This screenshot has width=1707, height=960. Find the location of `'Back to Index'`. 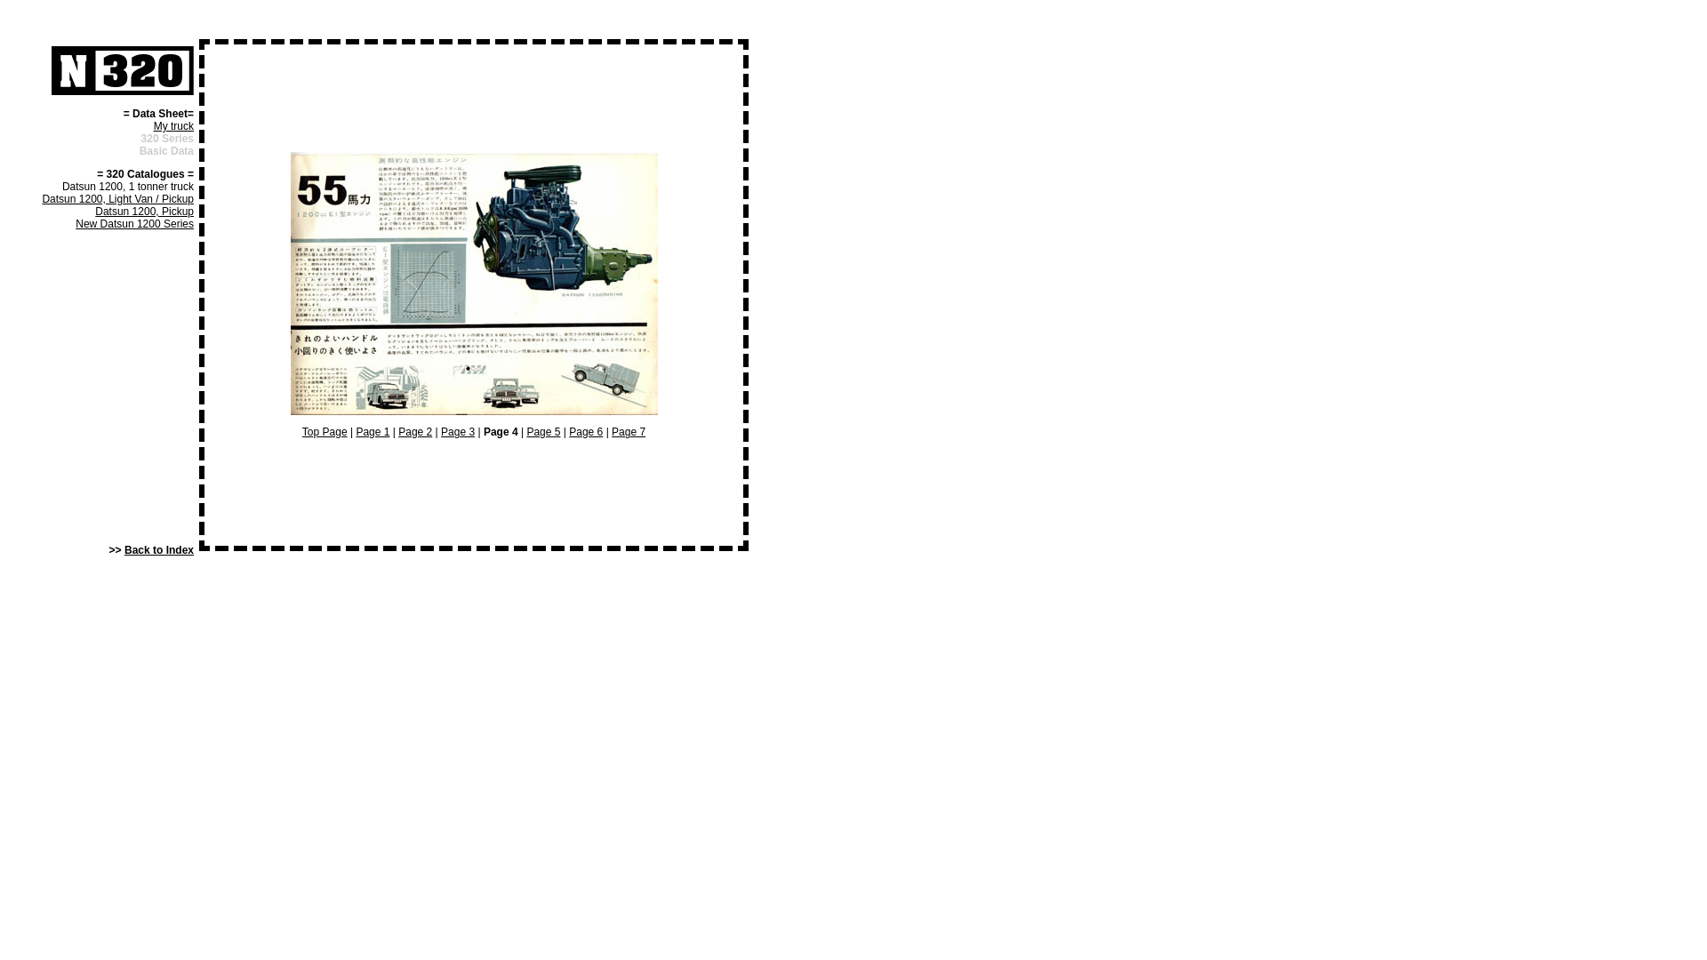

'Back to Index' is located at coordinates (158, 548).